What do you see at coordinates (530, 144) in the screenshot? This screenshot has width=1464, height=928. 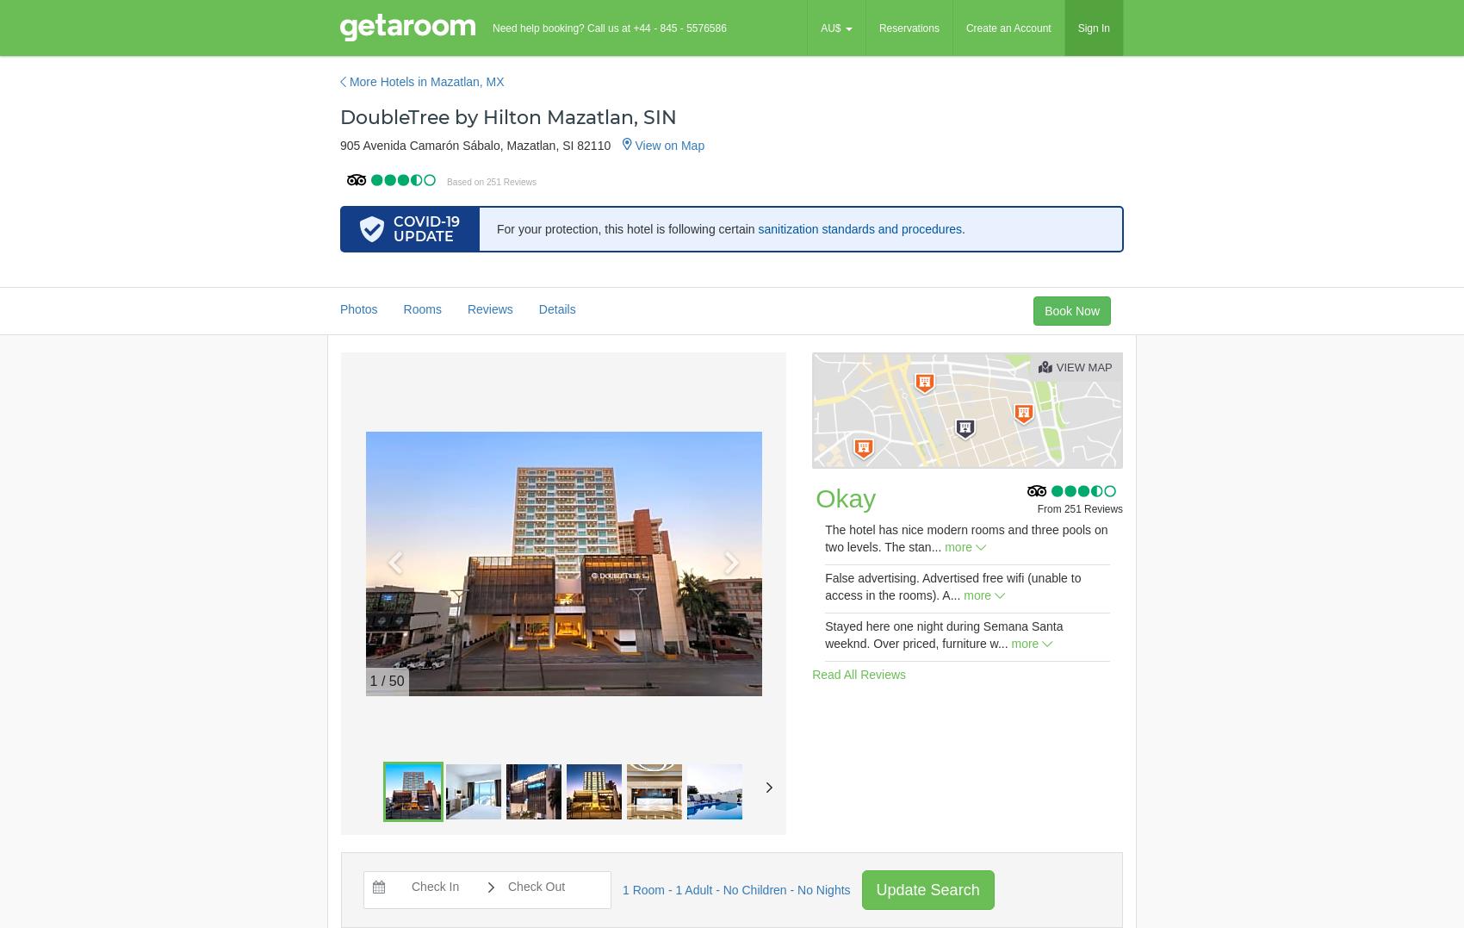 I see `'Mazatlan'` at bounding box center [530, 144].